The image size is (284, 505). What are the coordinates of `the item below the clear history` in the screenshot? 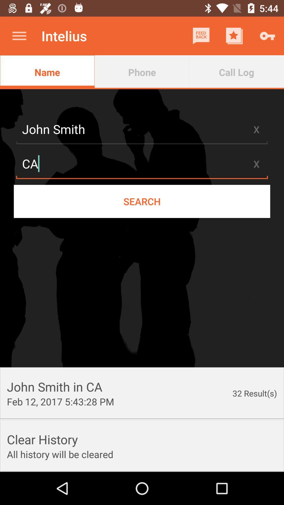 It's located at (60, 454).